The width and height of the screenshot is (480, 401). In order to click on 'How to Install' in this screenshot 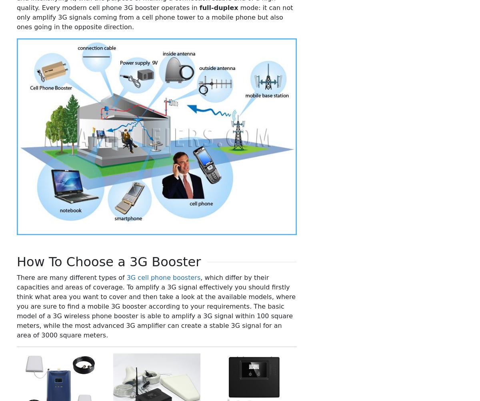, I will do `click(378, 223)`.